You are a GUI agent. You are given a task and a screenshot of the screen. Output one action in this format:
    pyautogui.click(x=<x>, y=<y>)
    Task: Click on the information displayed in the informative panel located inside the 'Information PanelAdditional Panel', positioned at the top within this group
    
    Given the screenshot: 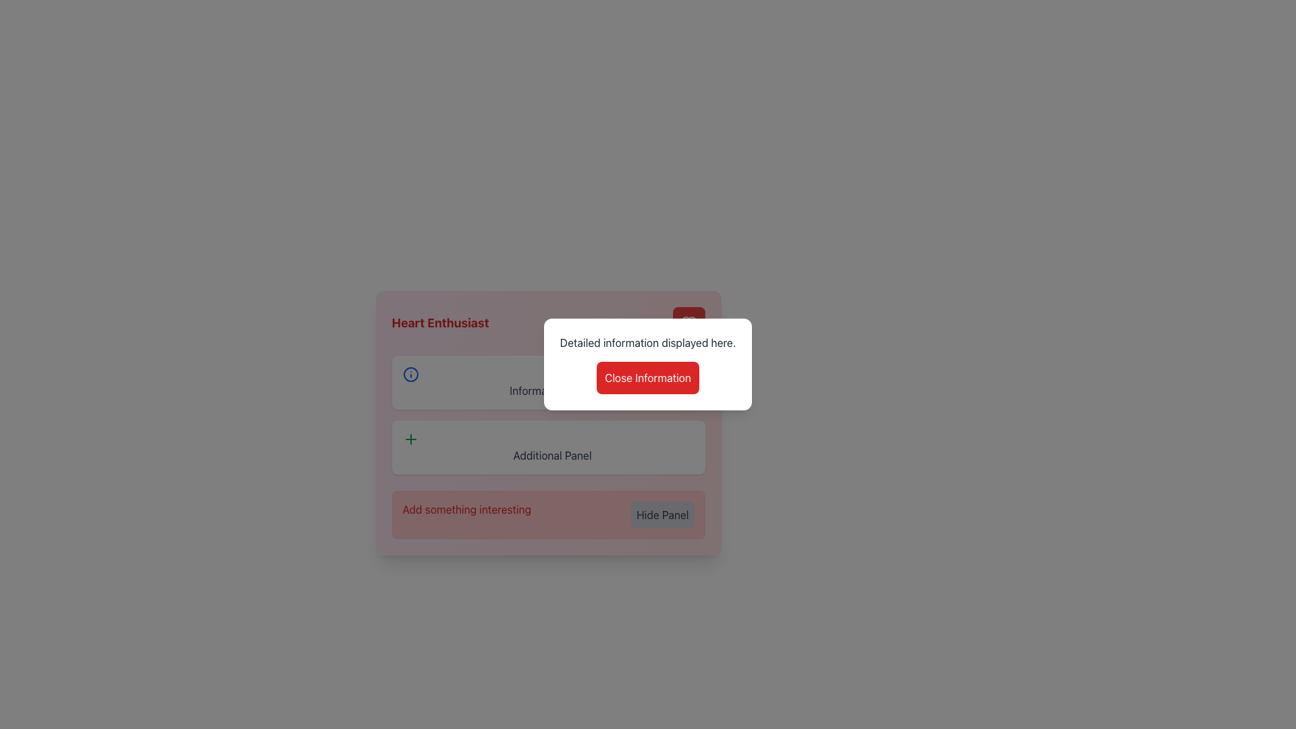 What is the action you would take?
    pyautogui.click(x=548, y=383)
    